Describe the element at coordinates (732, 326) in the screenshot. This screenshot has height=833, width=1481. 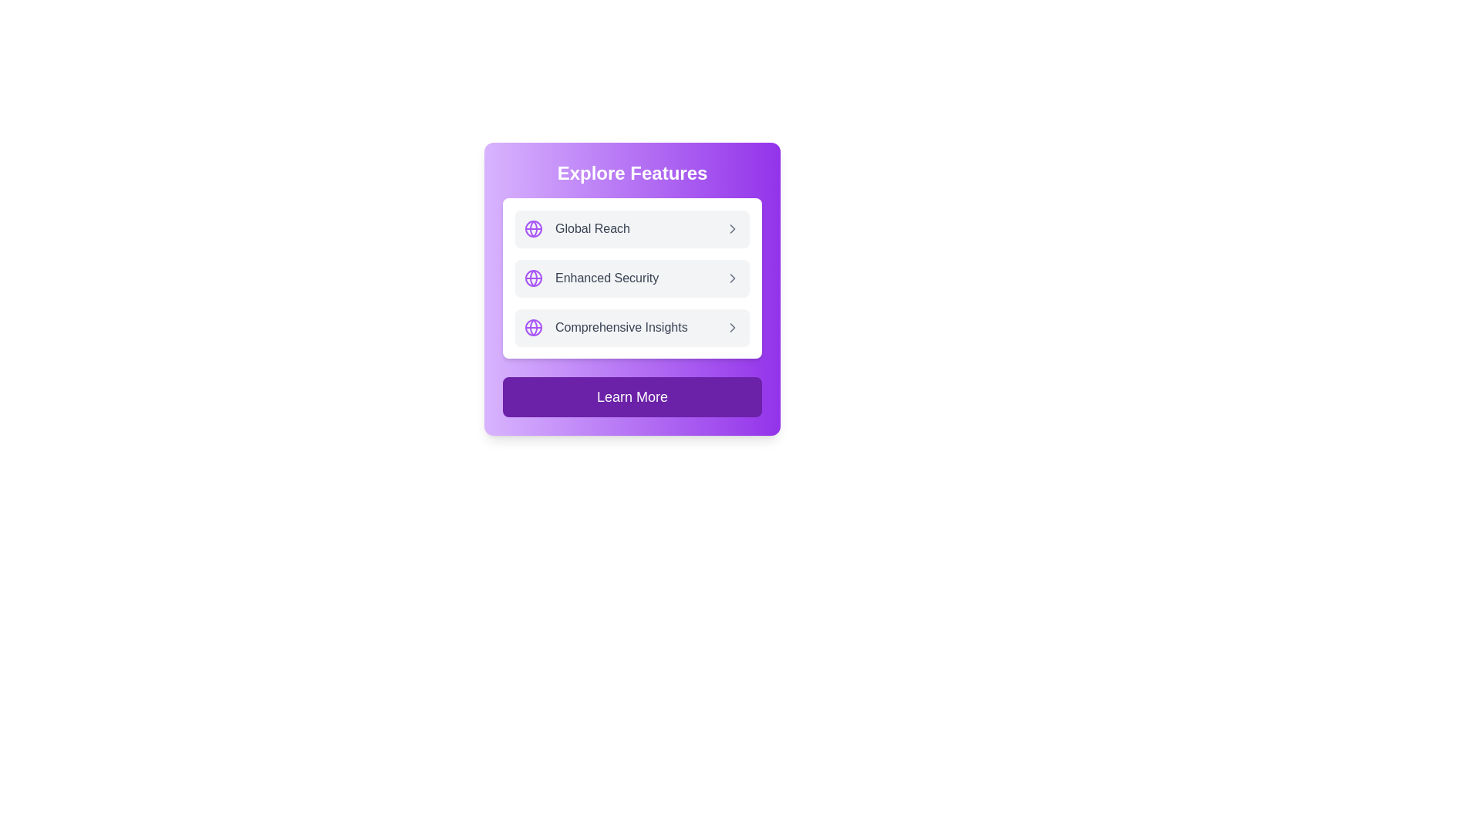
I see `the rightward-pointing chevron icon located at the far right of the card labeled 'Comprehensive Insights'` at that location.